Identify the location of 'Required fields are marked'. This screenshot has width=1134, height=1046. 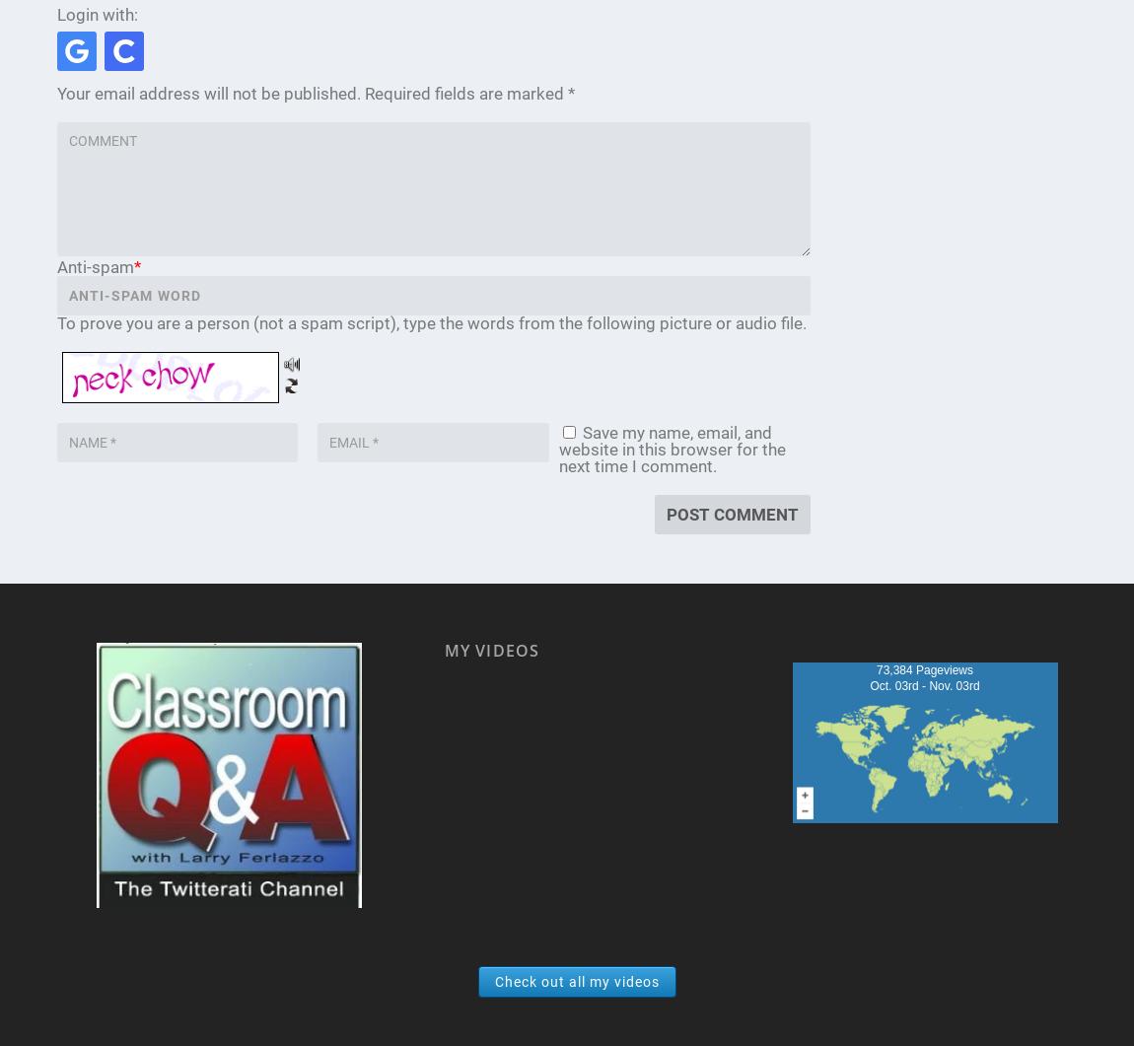
(464, 93).